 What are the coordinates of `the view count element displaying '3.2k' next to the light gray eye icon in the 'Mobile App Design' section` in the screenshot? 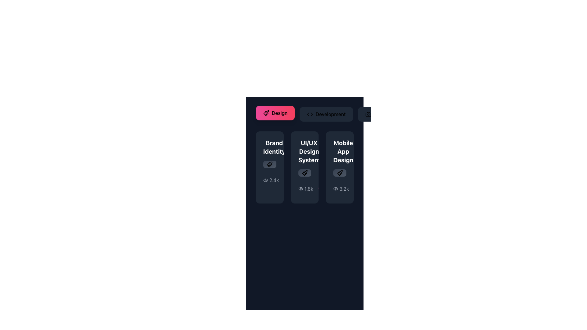 It's located at (339, 188).